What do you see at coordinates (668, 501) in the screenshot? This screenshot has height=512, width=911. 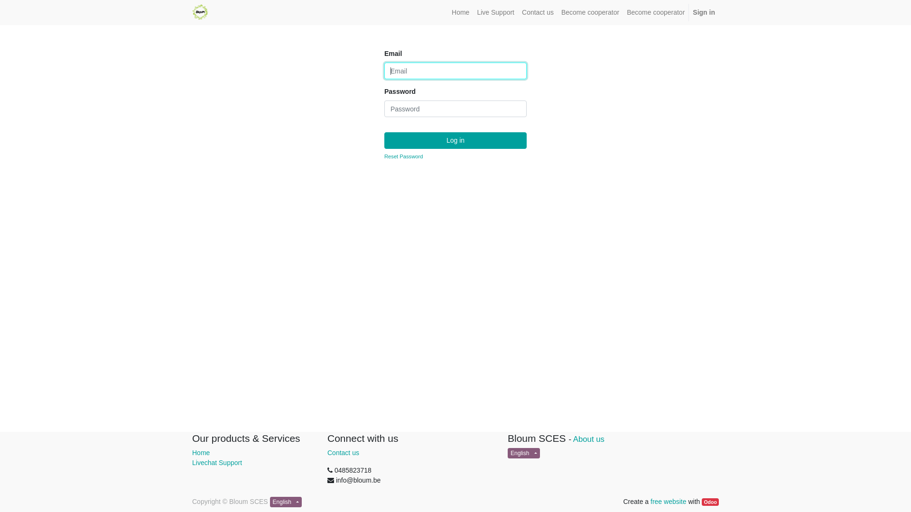 I see `'free website'` at bounding box center [668, 501].